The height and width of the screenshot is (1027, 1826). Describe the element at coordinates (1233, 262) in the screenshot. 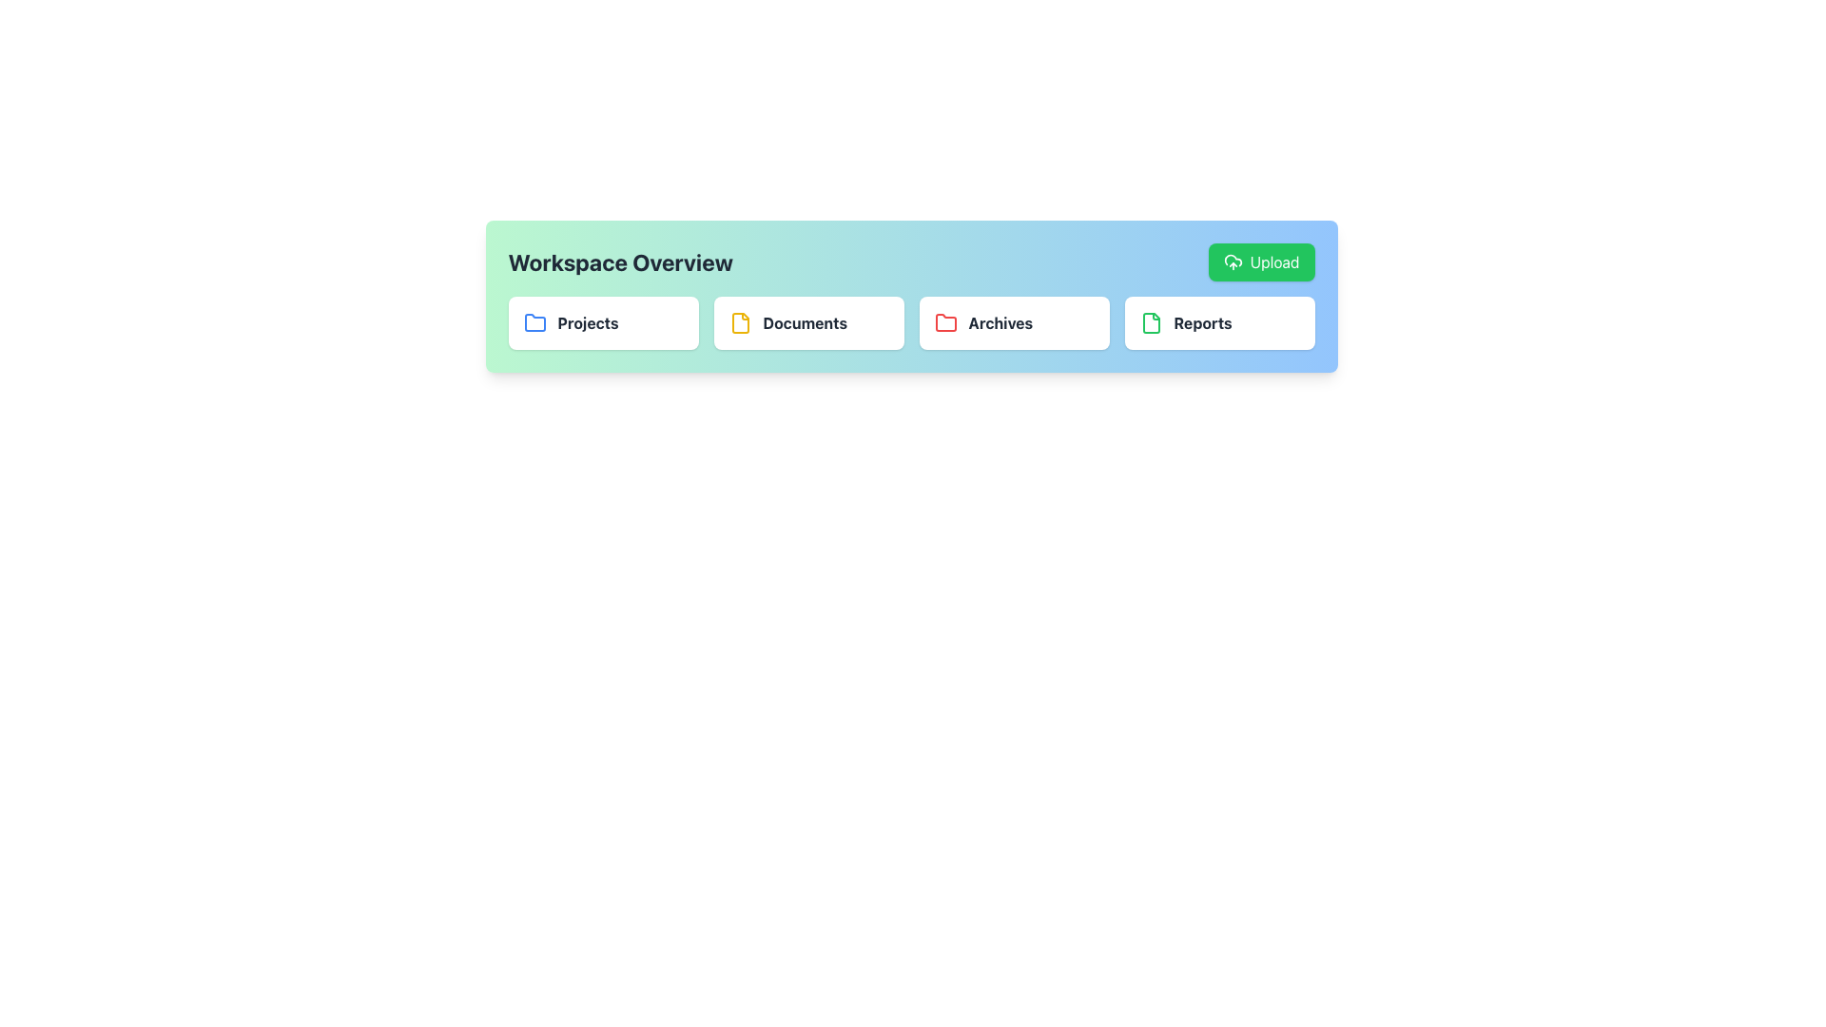

I see `the upload icon located within the green button at the top-right corner of the horizontal toolbar section, which visually indicates the upload action` at that location.